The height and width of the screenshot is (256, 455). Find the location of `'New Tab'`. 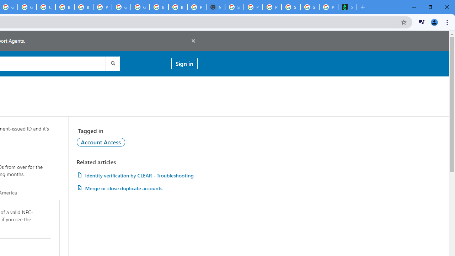

'New Tab' is located at coordinates (215, 7).